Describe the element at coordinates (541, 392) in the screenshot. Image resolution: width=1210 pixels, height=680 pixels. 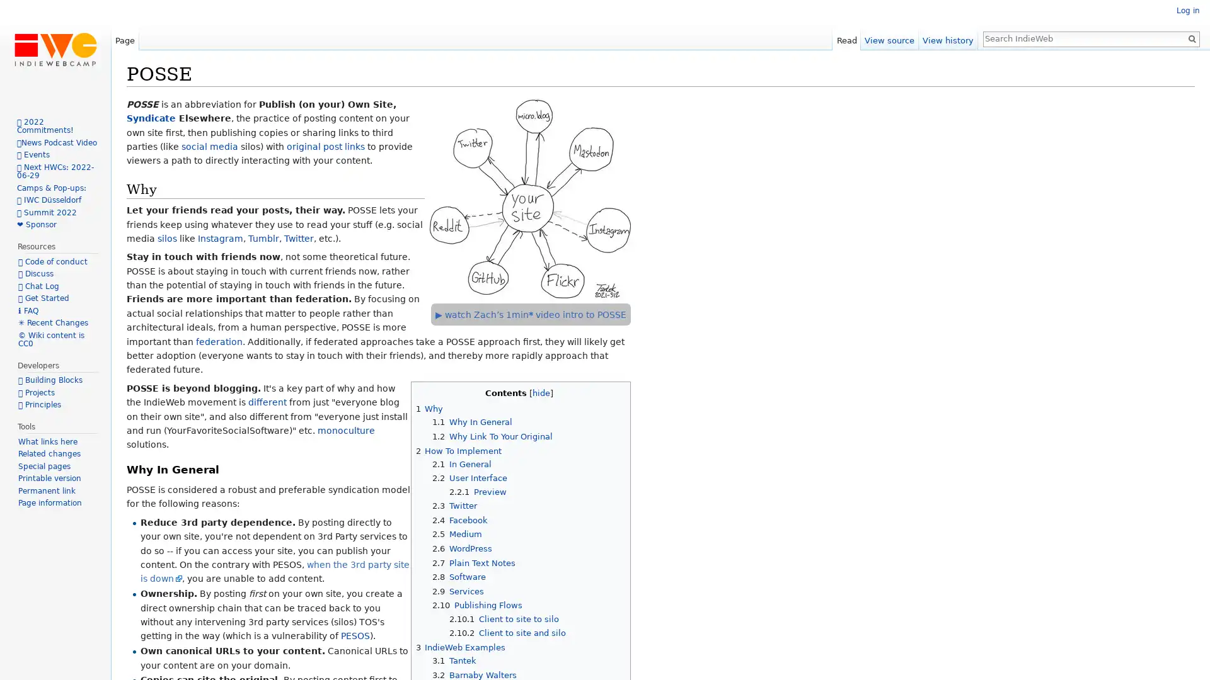
I see `hide` at that location.